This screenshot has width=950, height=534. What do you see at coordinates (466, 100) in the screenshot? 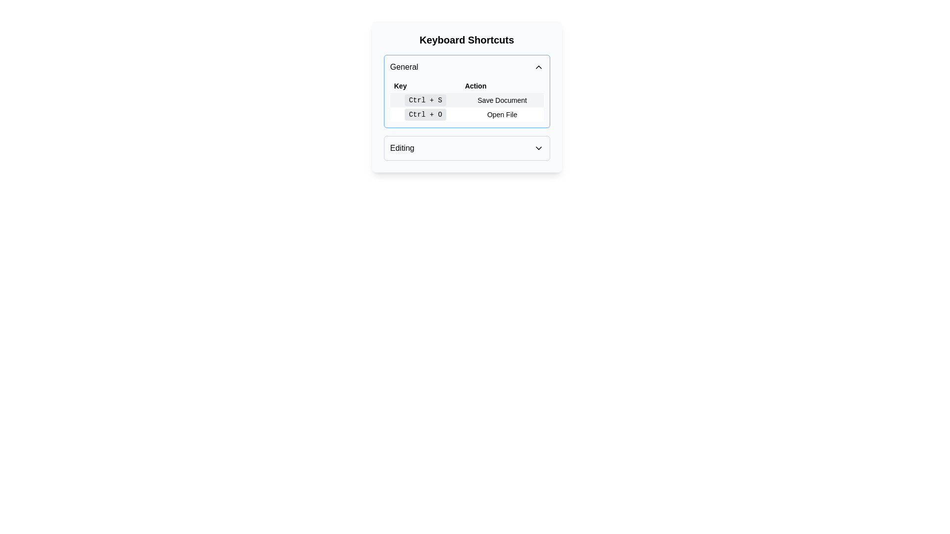
I see `the first row of the keyboard shortcuts list in the 'General' section of the 'Keyboard Shortcuts' dialog box, which describes the 'Ctrl + S' shortcut for saving the current document` at bounding box center [466, 100].